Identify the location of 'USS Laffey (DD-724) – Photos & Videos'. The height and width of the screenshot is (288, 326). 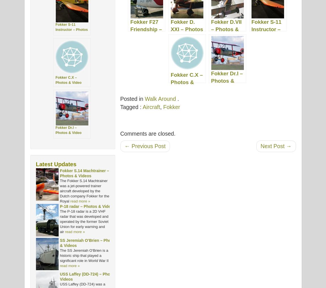
(90, 276).